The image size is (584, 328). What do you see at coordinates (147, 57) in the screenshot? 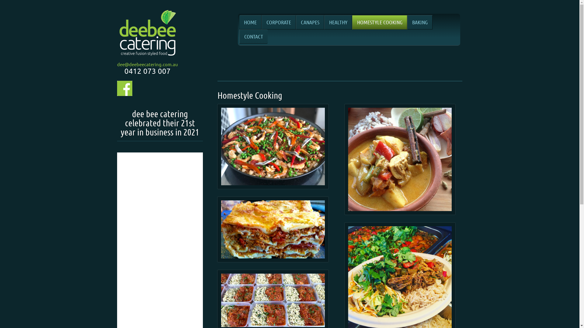
I see `'Creative Fusion Style Food'` at bounding box center [147, 57].